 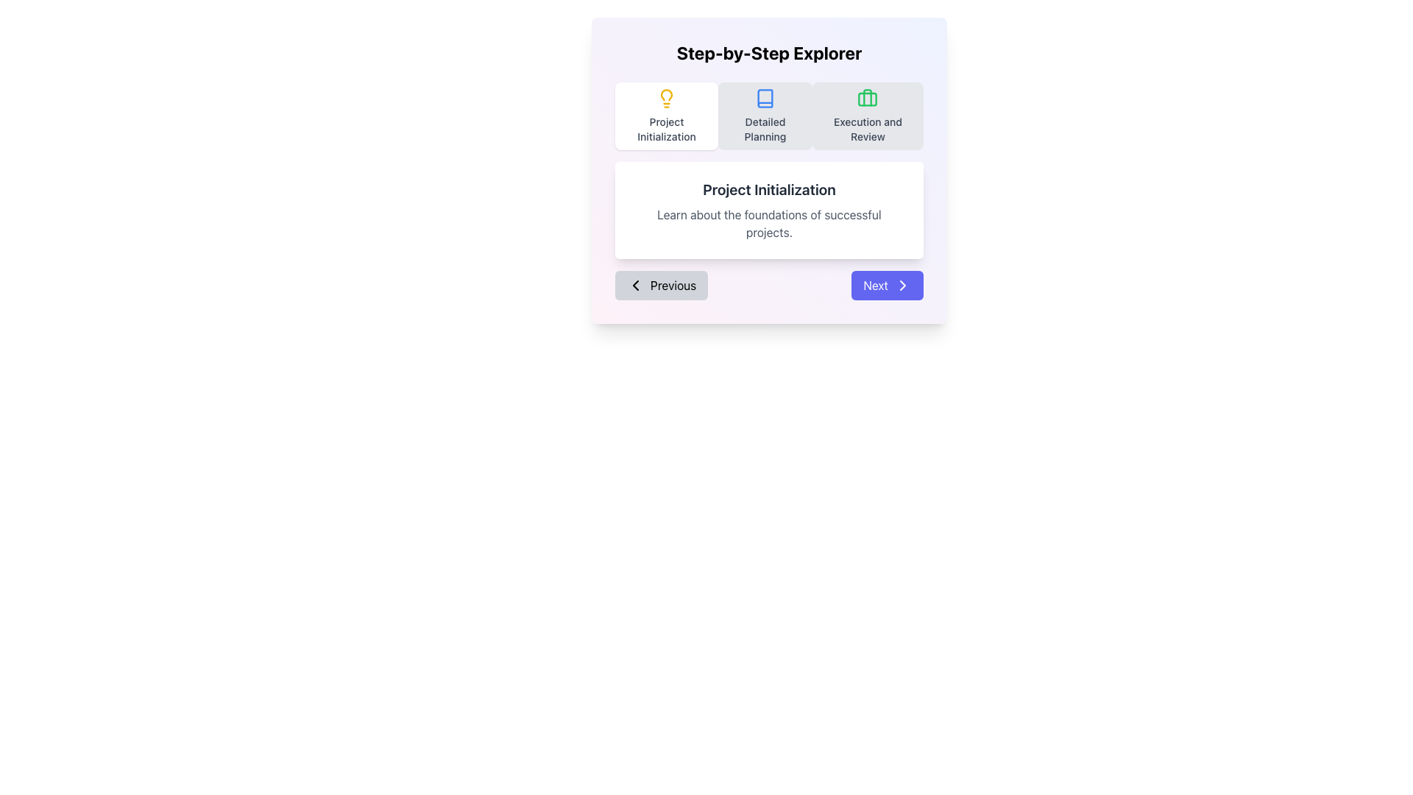 I want to click on the navigation button located at the bottom left of the panel, which is used to move to the previous step in a sequence, so click(x=661, y=286).